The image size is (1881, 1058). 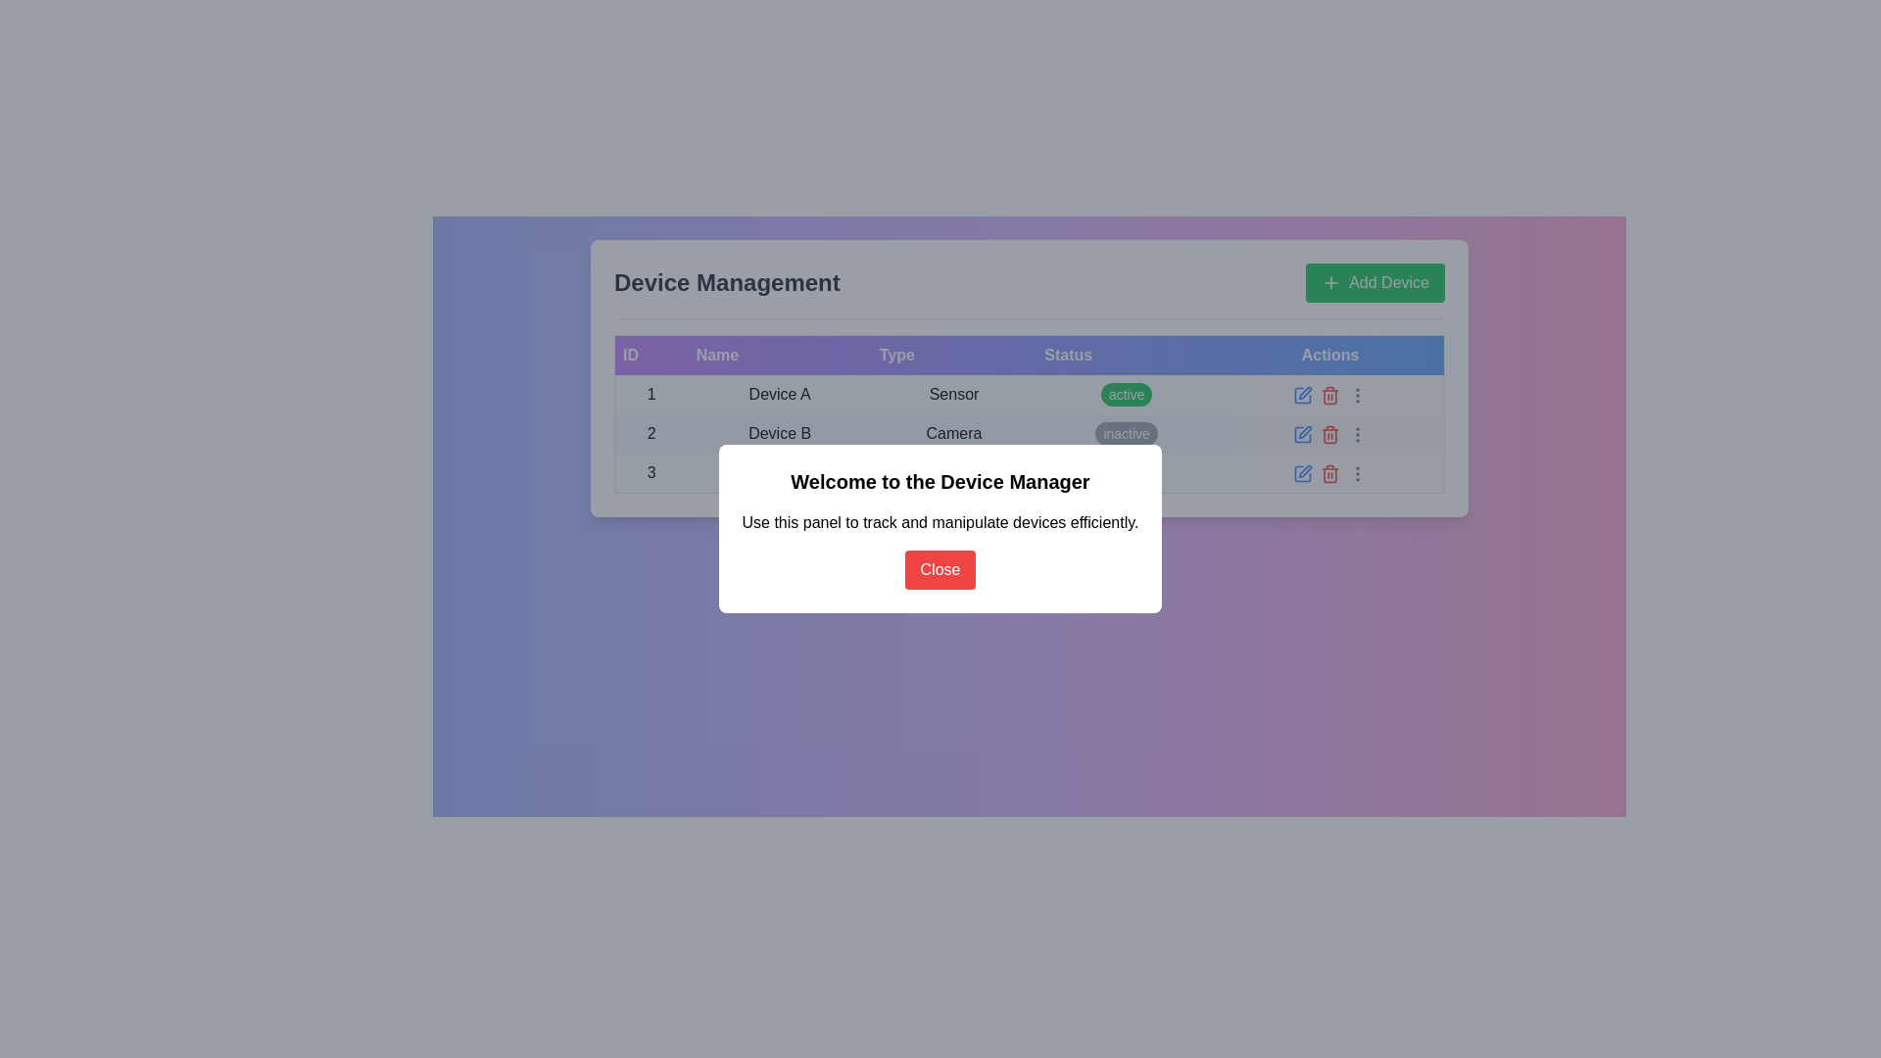 I want to click on the pen icon button in the Actions column of the table for Device B to initiate an edit action, so click(x=1305, y=431).